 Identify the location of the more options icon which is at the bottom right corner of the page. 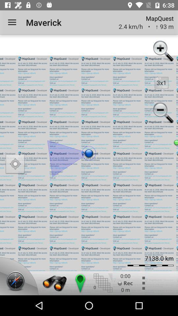
(143, 283).